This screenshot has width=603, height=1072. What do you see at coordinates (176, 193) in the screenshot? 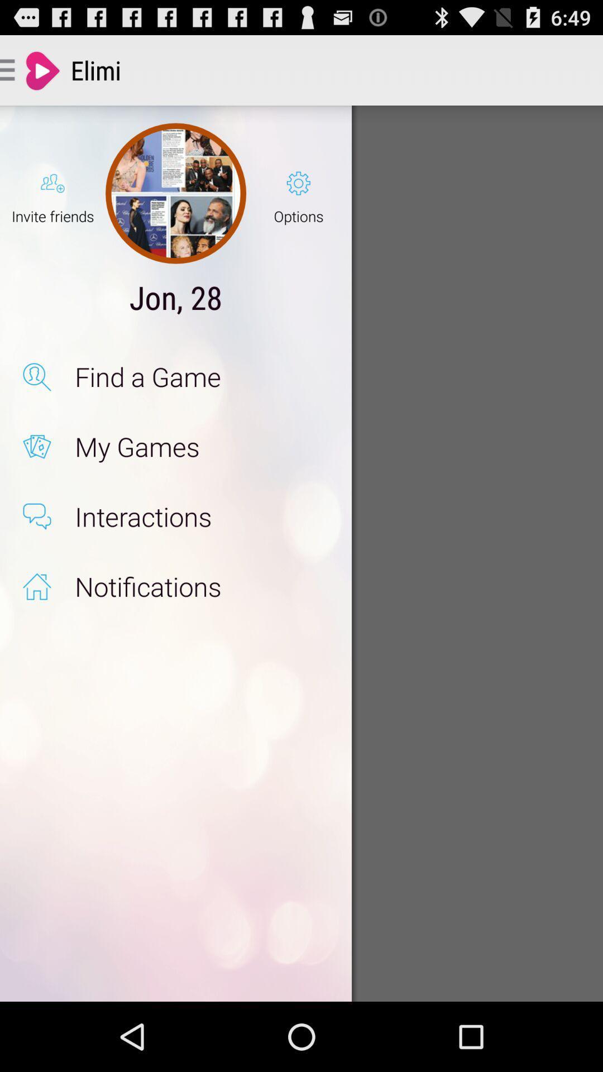
I see `item next to options item` at bounding box center [176, 193].